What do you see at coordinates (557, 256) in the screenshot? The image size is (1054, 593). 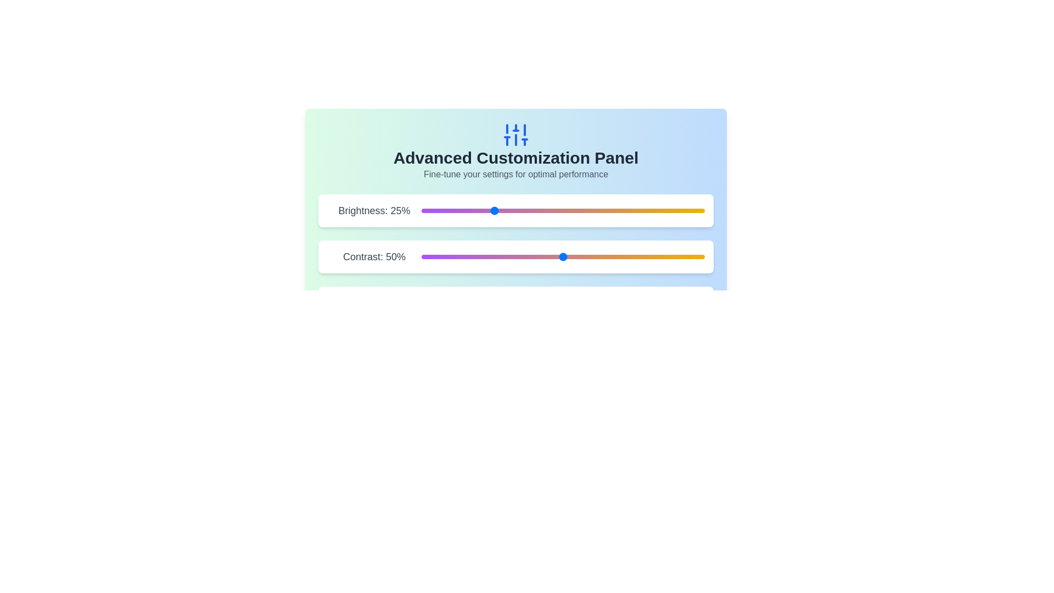 I see `the contrast slider to 48%` at bounding box center [557, 256].